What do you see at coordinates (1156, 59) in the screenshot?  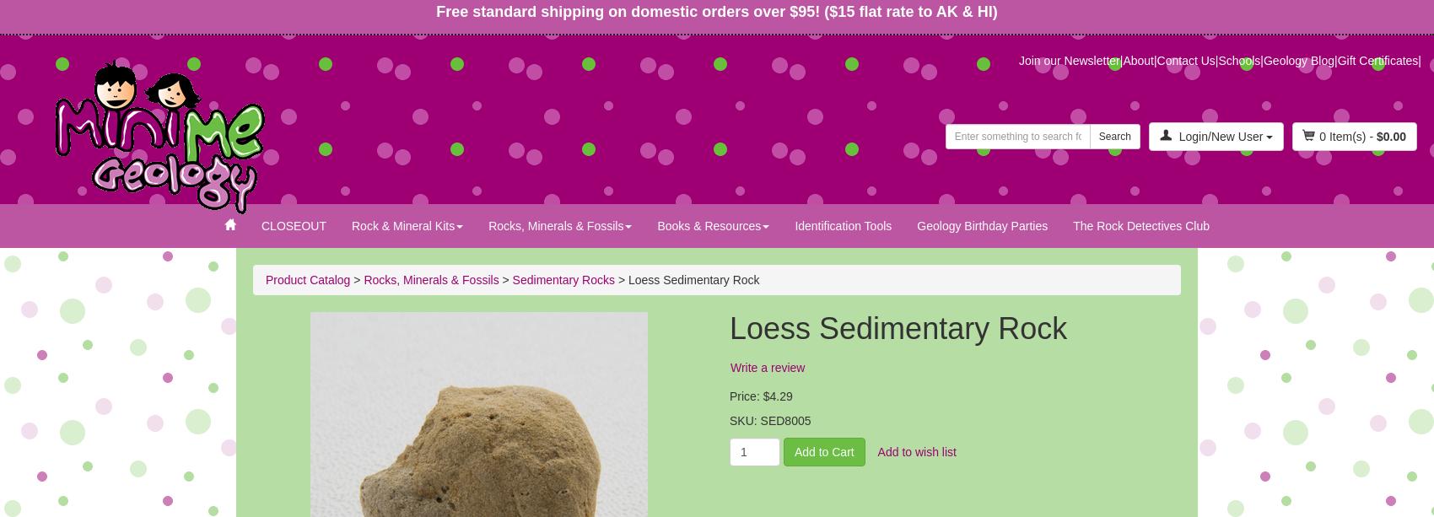 I see `'Contact Us'` at bounding box center [1156, 59].